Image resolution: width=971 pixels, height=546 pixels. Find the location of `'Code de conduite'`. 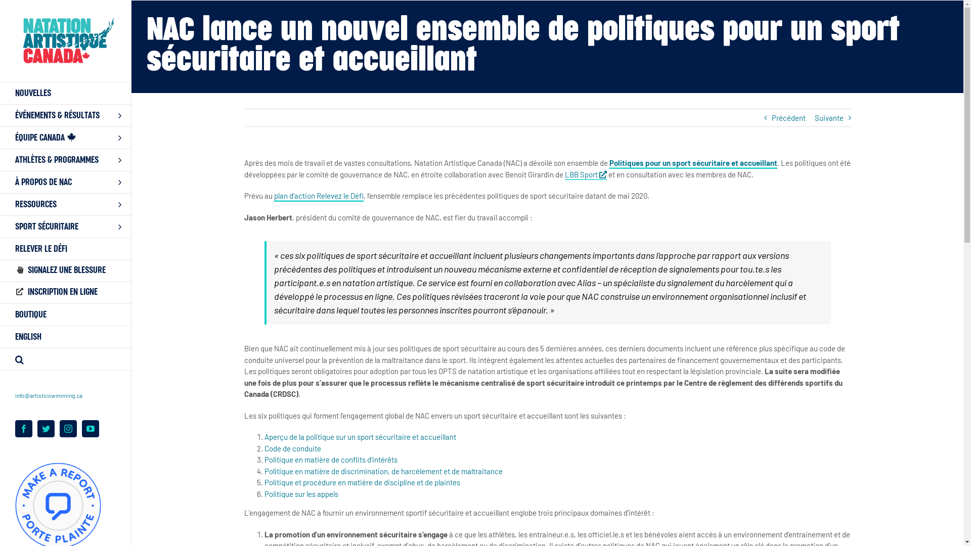

'Code de conduite' is located at coordinates (291, 448).